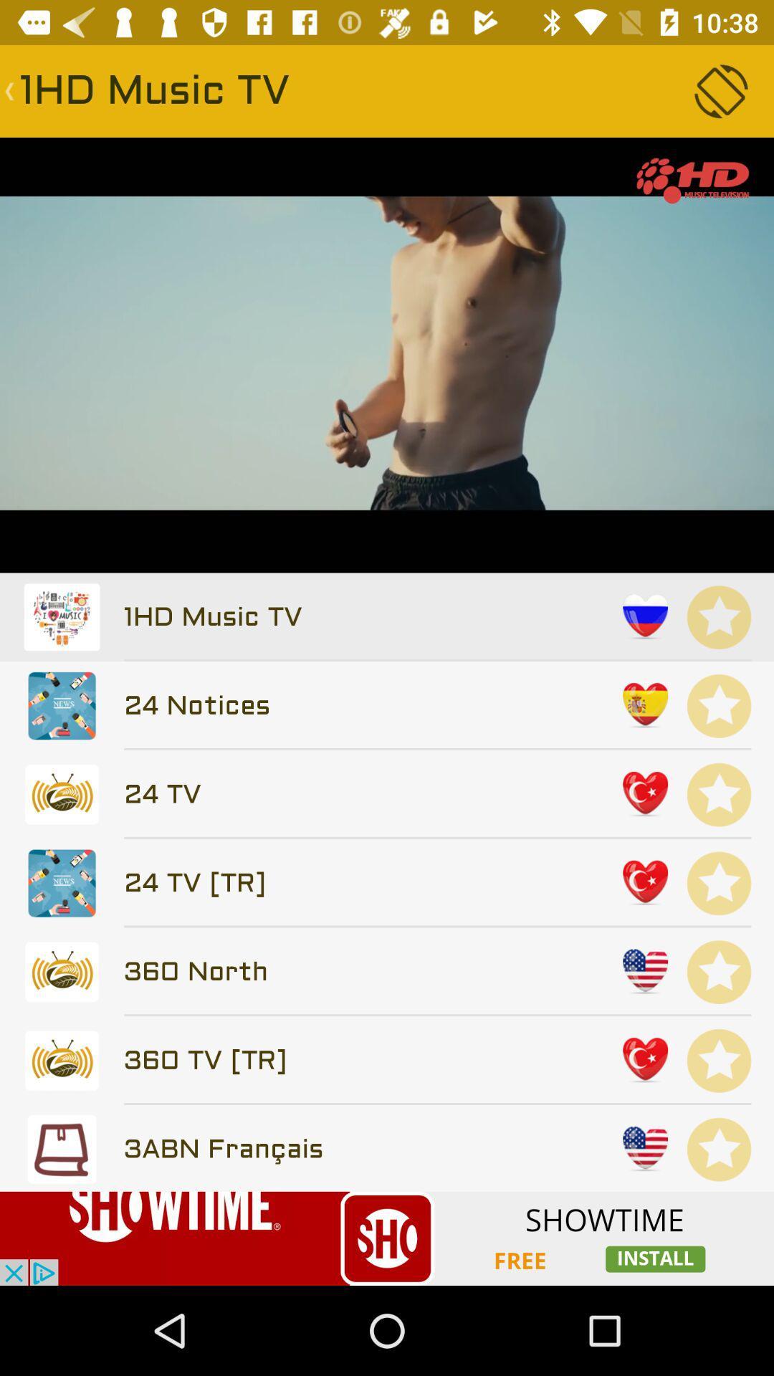 The image size is (774, 1376). I want to click on click advertisement, so click(387, 1238).